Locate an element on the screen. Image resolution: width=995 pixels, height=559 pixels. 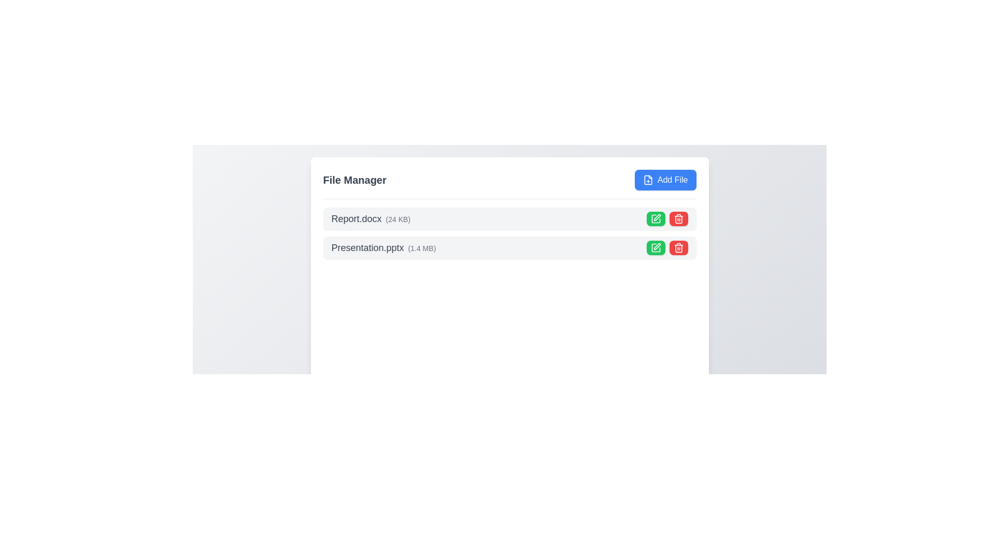
the static text label displaying 'Report.docx', which is bold and dark-gray, positioned in the first row of the list is located at coordinates (356, 218).